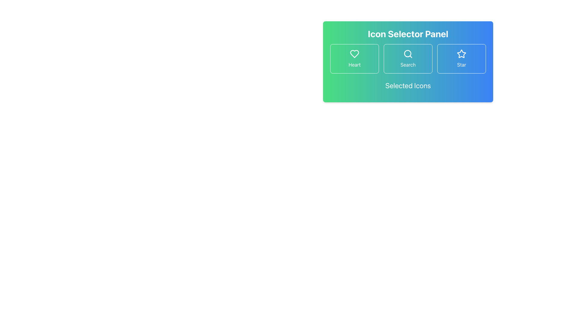 This screenshot has height=324, width=577. Describe the element at coordinates (408, 65) in the screenshot. I see `the descriptive label for the search functionality located below the magnifying glass icon in the Icon Selector Panel` at that location.